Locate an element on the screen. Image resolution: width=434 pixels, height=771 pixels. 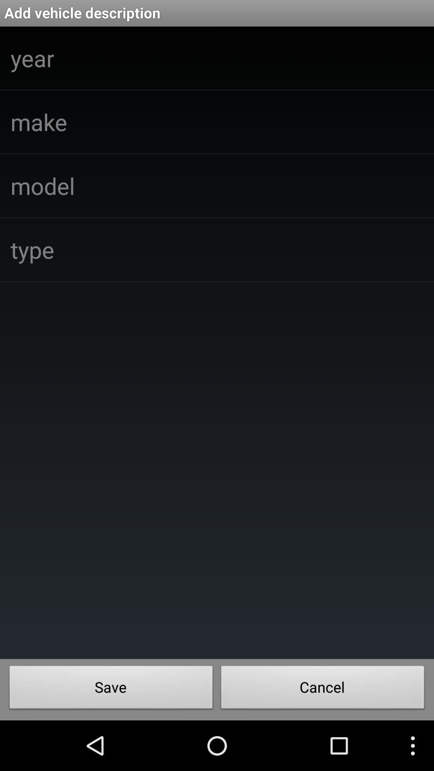
the item at the bottom right corner is located at coordinates (322, 689).